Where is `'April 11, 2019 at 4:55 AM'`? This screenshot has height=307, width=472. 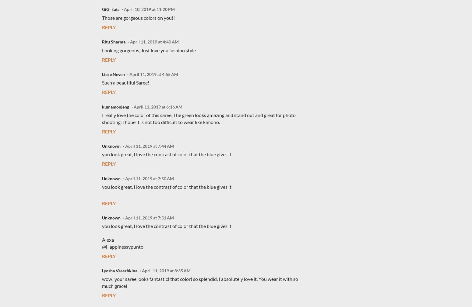 'April 11, 2019 at 4:55 AM' is located at coordinates (153, 74).